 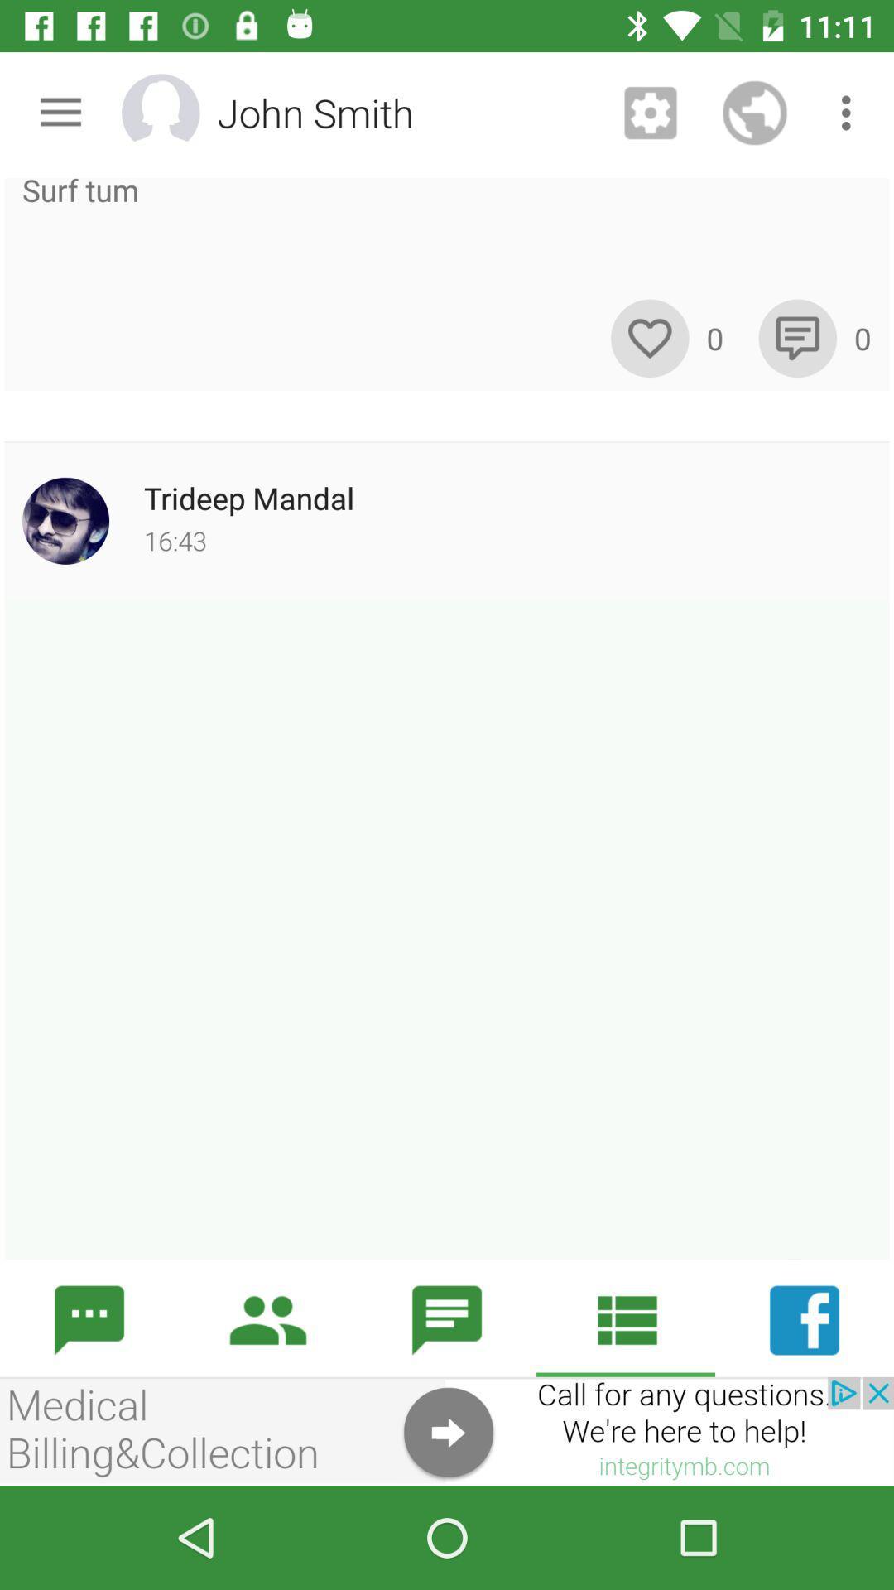 I want to click on advertisement, so click(x=447, y=1430).